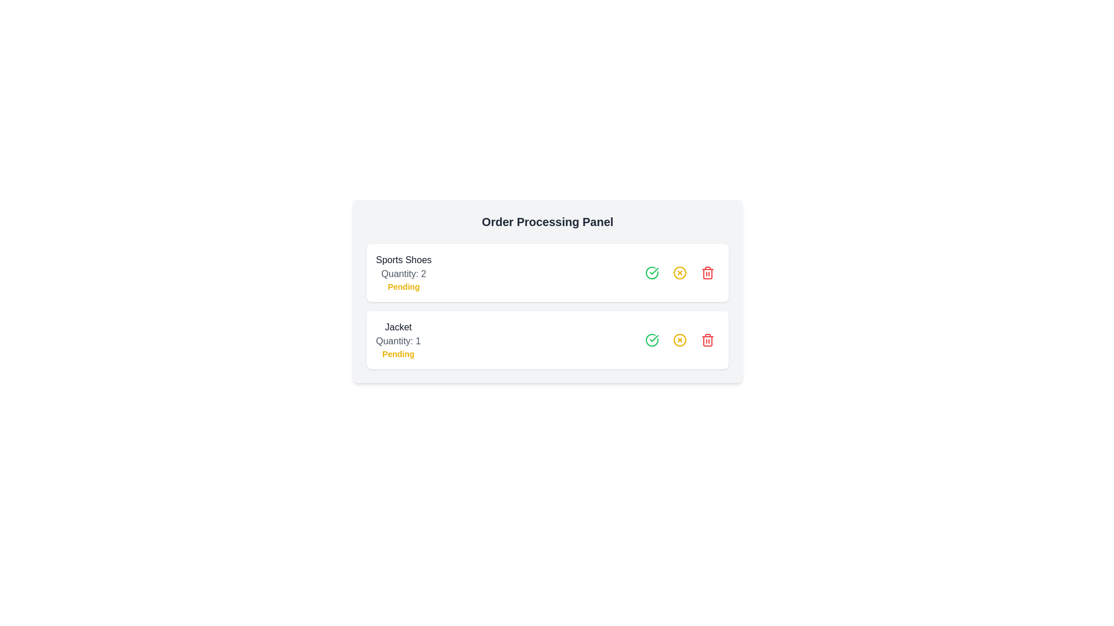 The width and height of the screenshot is (1114, 626). I want to click on the status text indicating that the 'Jacket' order is currently pending action or approval, located directly under the 'Quantity: 1' label in the order list, so click(398, 353).